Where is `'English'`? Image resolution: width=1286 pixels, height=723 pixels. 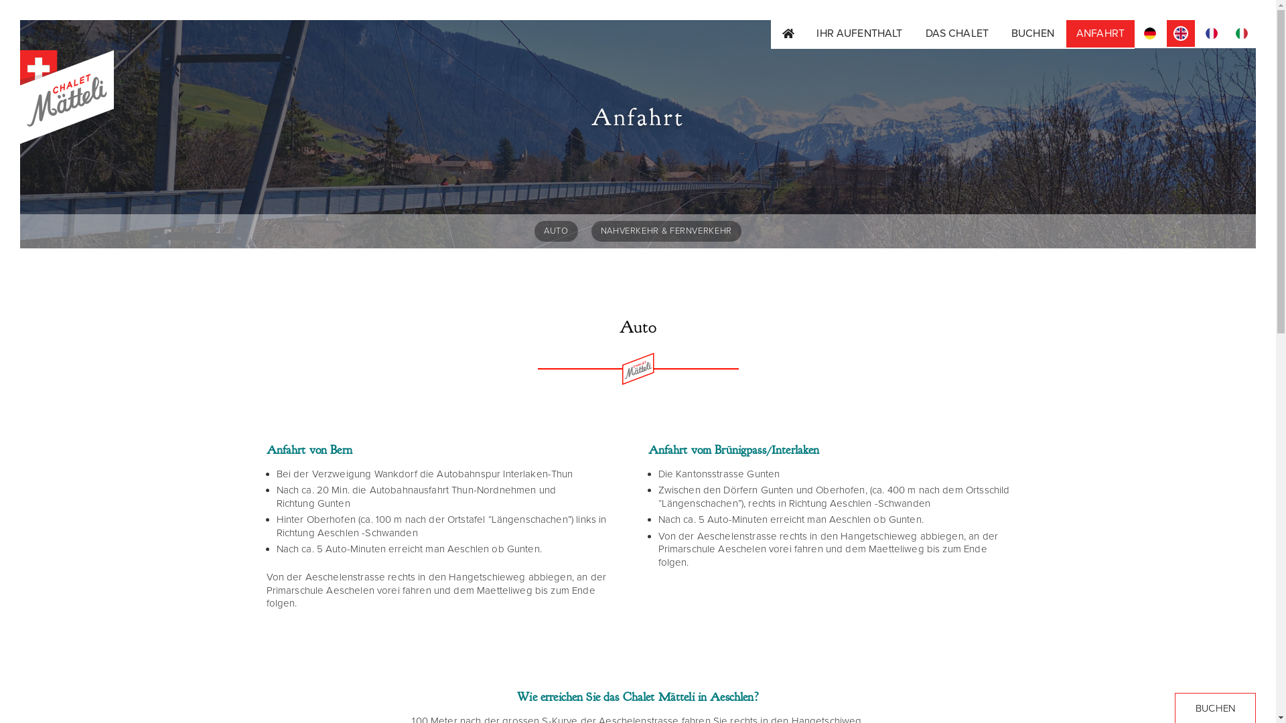
'English' is located at coordinates (1180, 33).